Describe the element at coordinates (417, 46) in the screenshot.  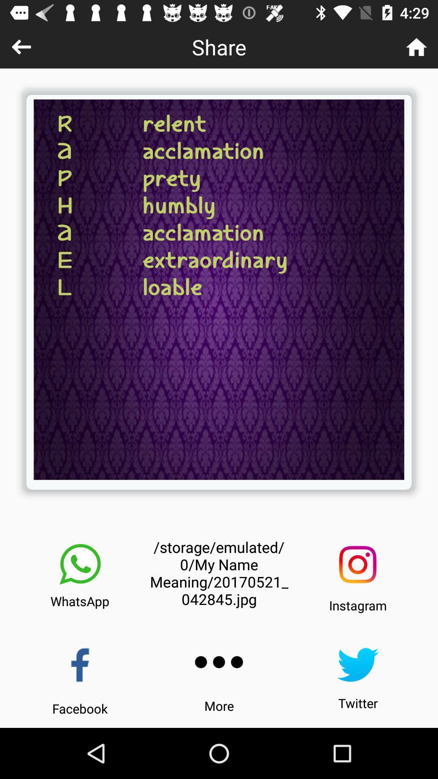
I see `the icon at the top right corner` at that location.